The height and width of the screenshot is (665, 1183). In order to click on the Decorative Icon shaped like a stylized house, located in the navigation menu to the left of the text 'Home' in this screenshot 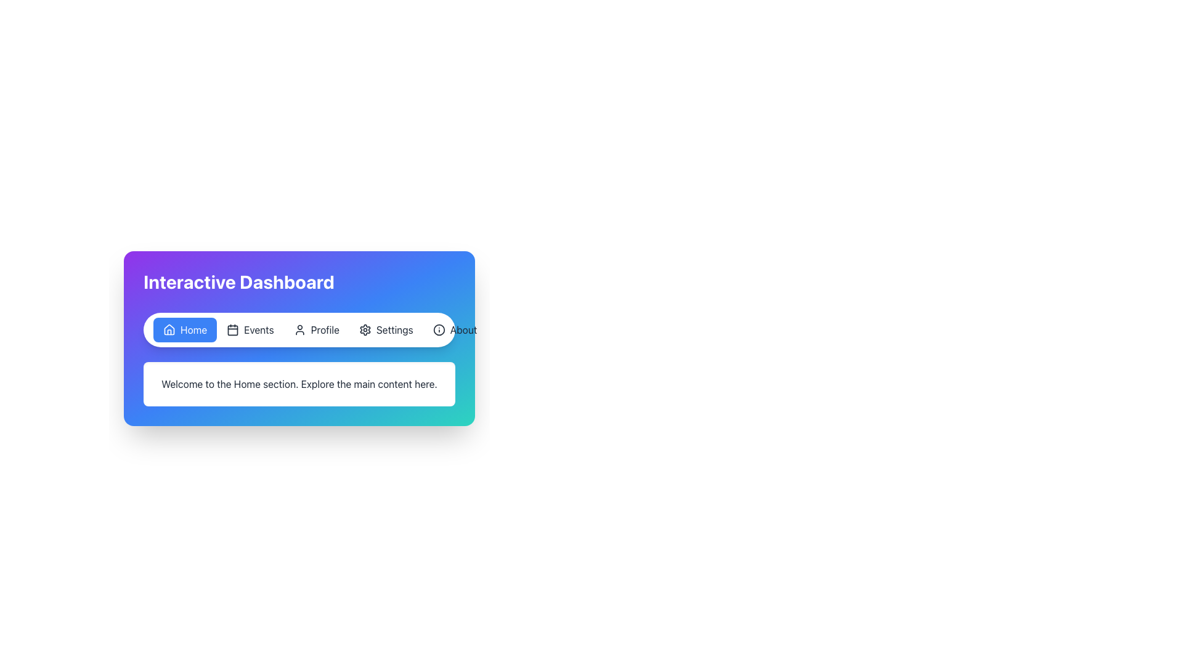, I will do `click(168, 329)`.